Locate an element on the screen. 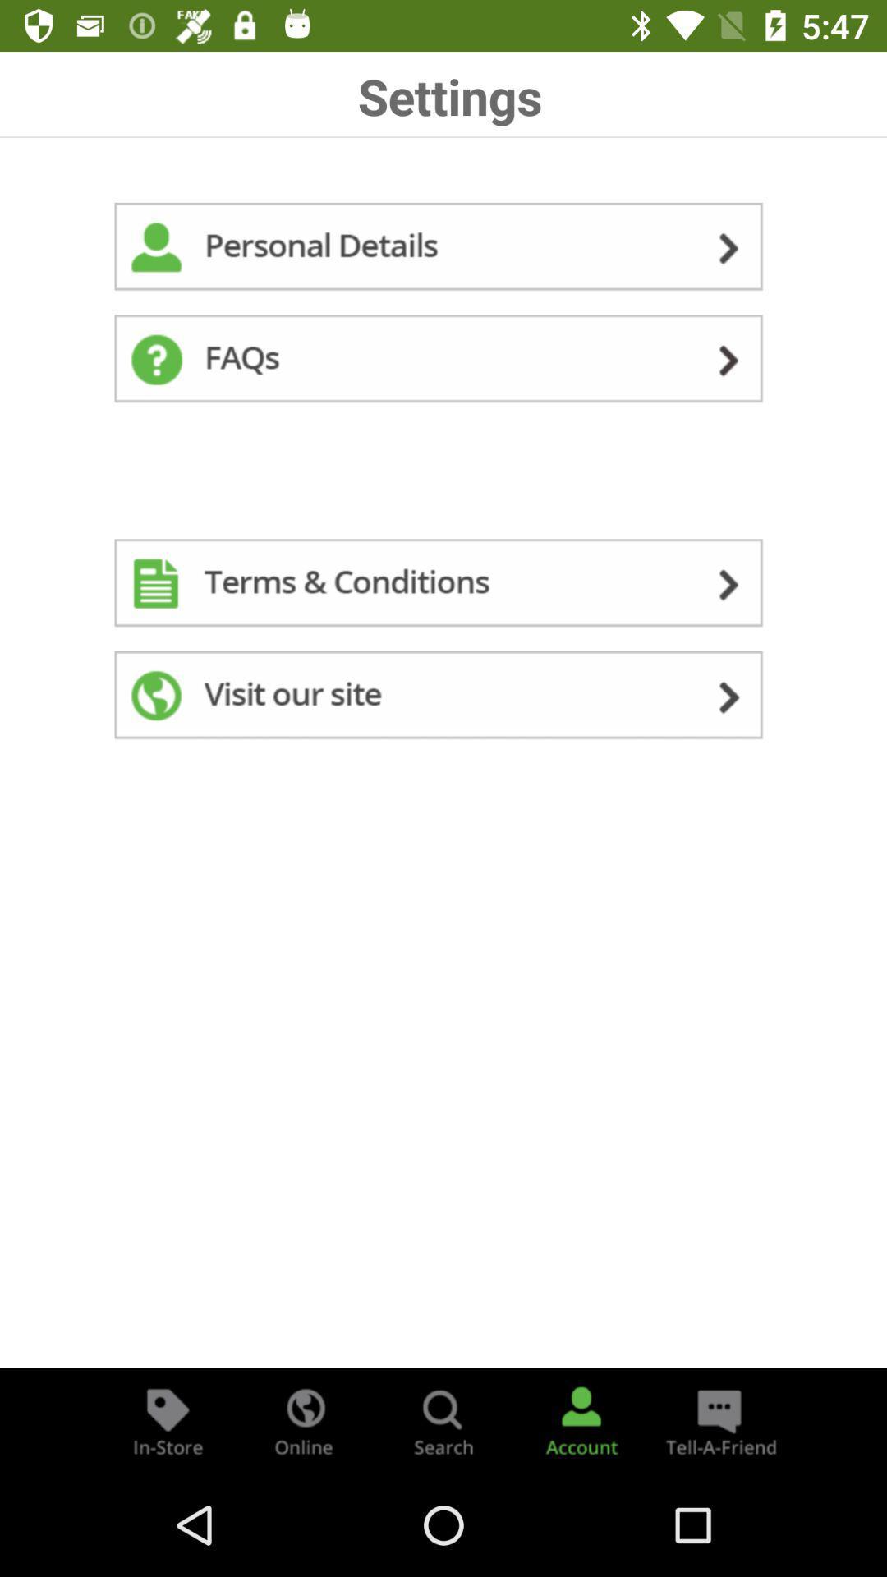 This screenshot has height=1577, width=887. visit website is located at coordinates (443, 698).